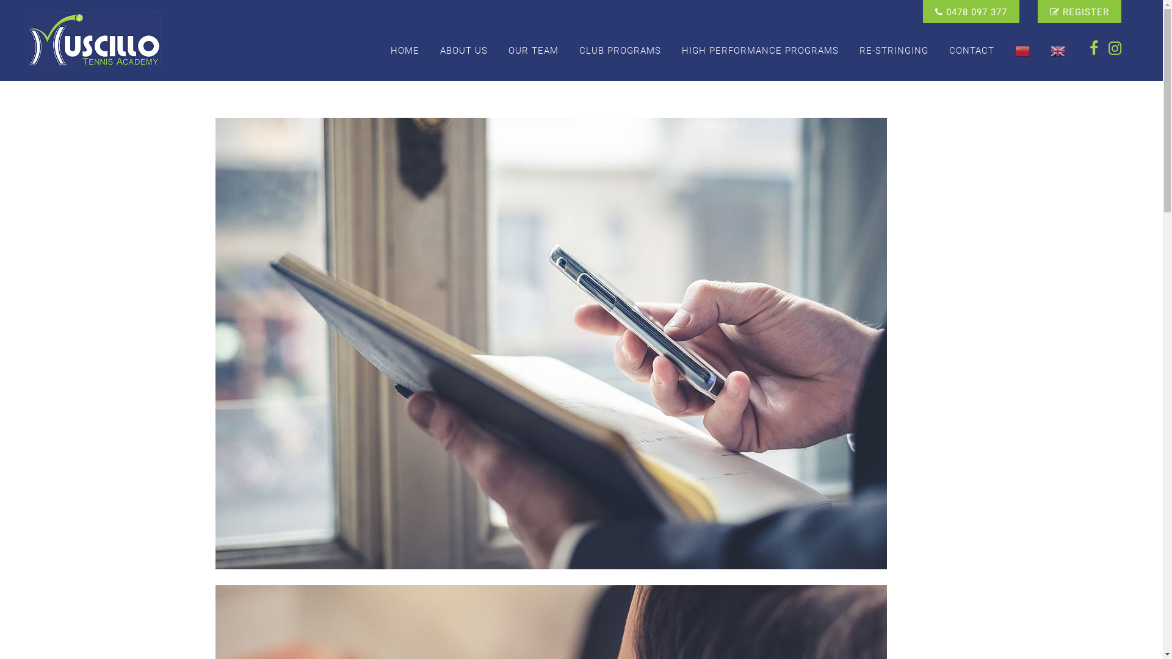  Describe the element at coordinates (533, 50) in the screenshot. I see `'OUR TEAM'` at that location.